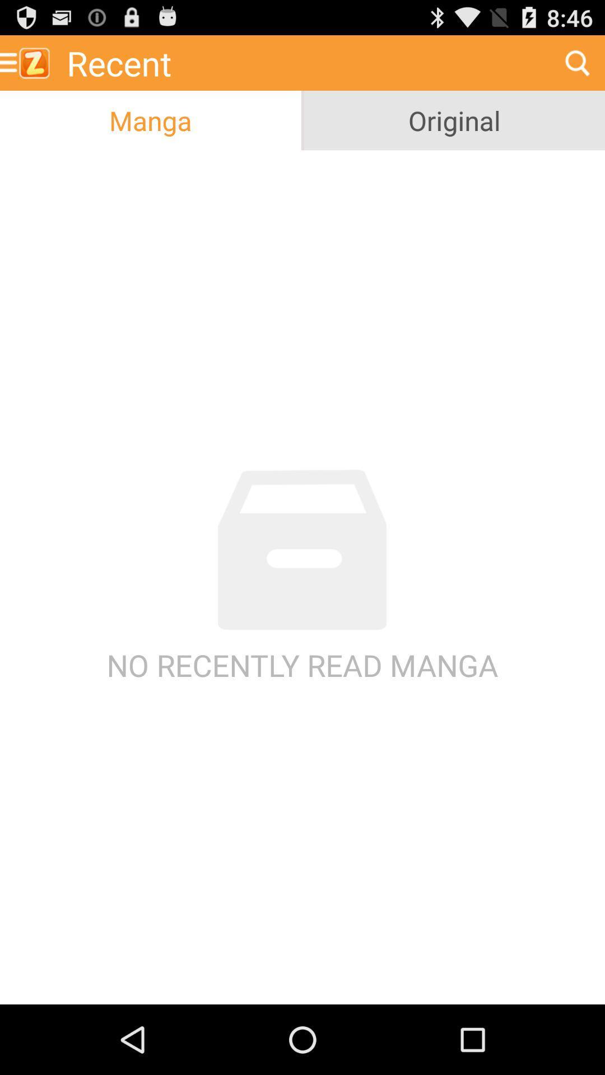 The height and width of the screenshot is (1075, 605). I want to click on the search icon, so click(577, 67).